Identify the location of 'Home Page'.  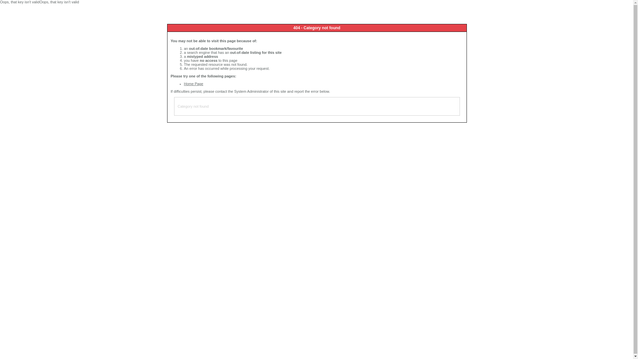
(193, 83).